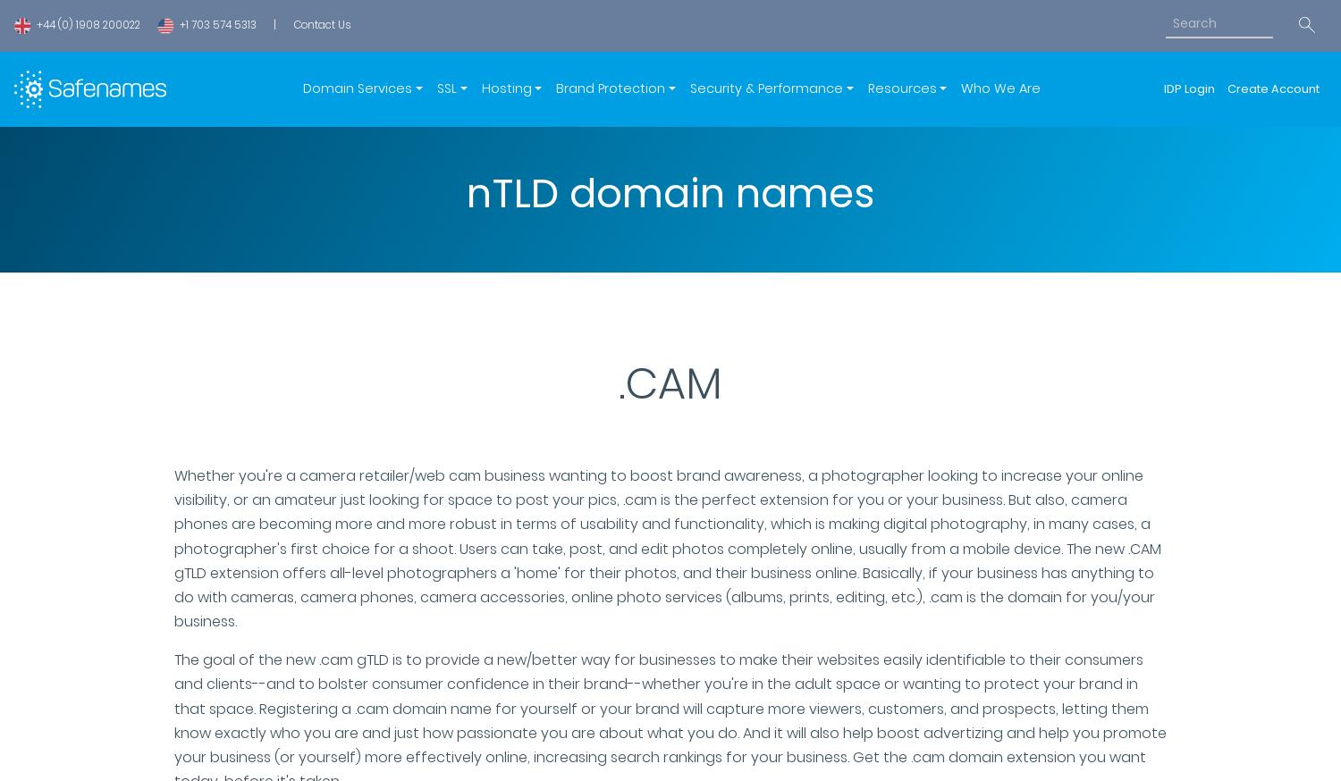  I want to click on '|', so click(274, 23).